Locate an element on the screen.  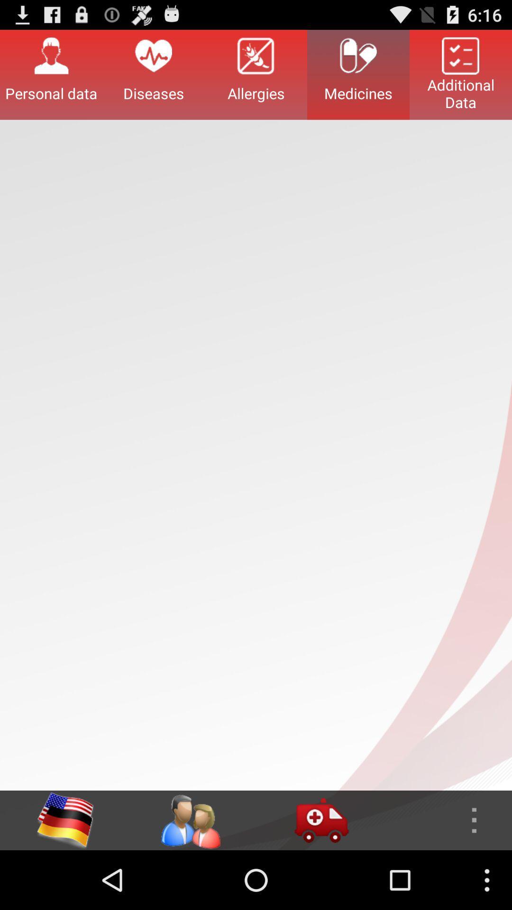
item next to diseases is located at coordinates (51, 74).